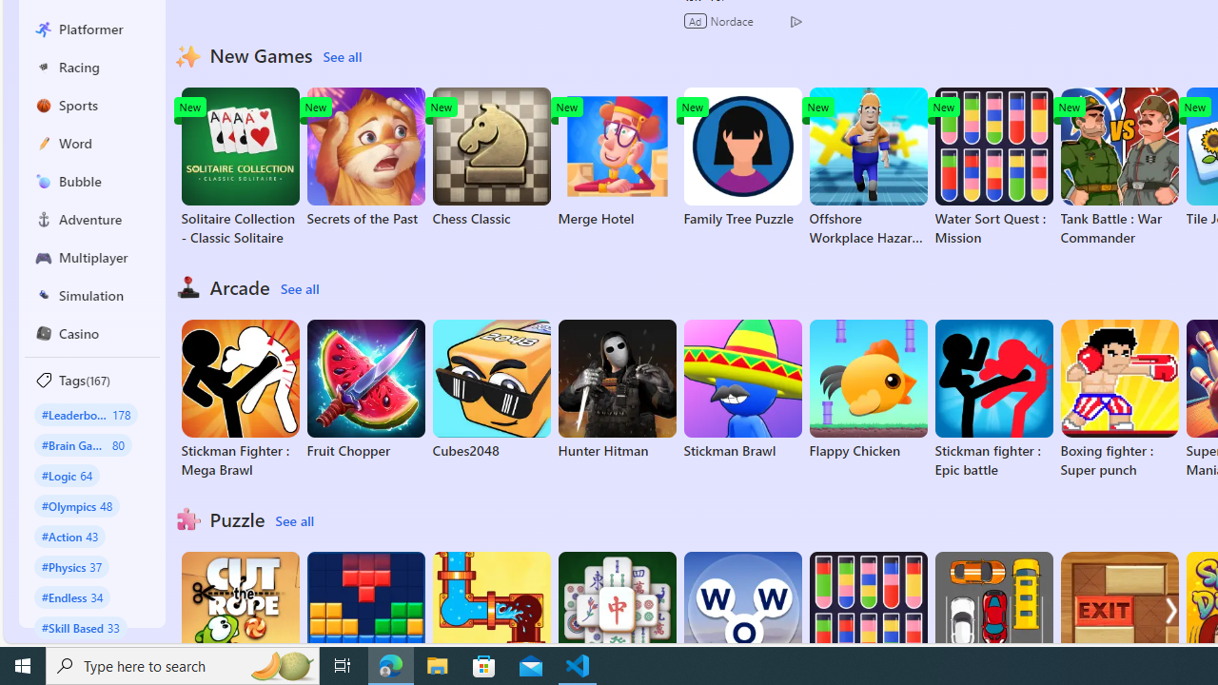  Describe the element at coordinates (741, 389) in the screenshot. I see `'Stickman Brawl'` at that location.